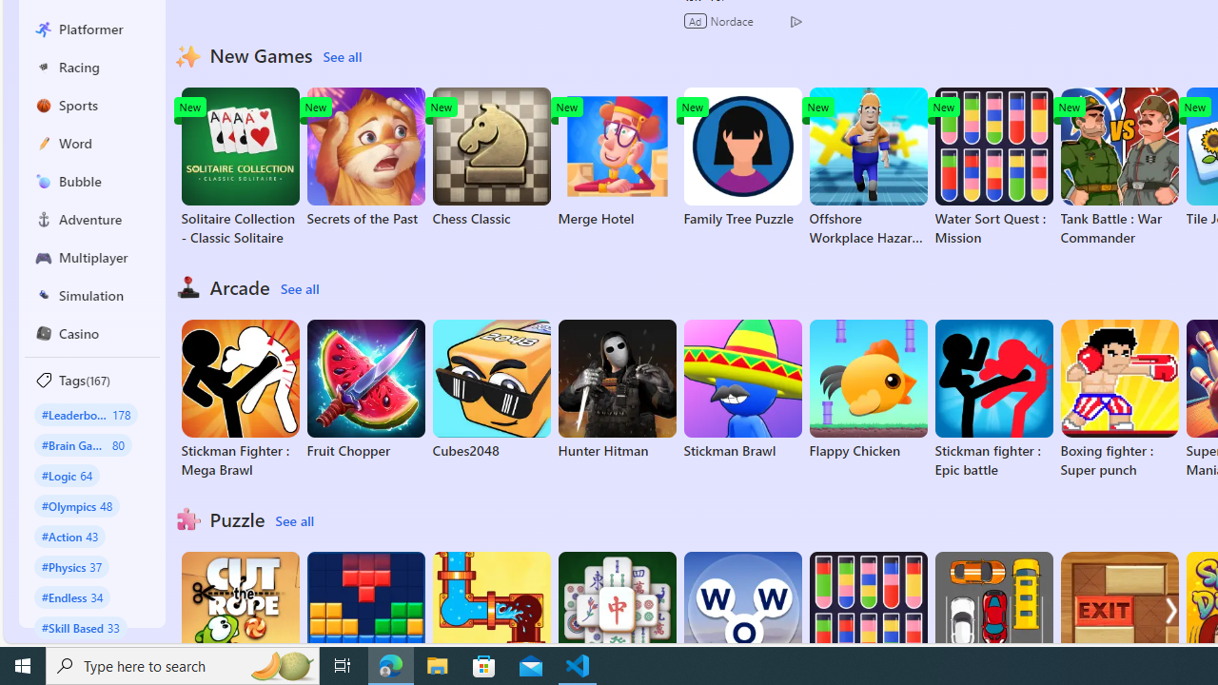  Describe the element at coordinates (741, 389) in the screenshot. I see `'Stickman Brawl'` at that location.